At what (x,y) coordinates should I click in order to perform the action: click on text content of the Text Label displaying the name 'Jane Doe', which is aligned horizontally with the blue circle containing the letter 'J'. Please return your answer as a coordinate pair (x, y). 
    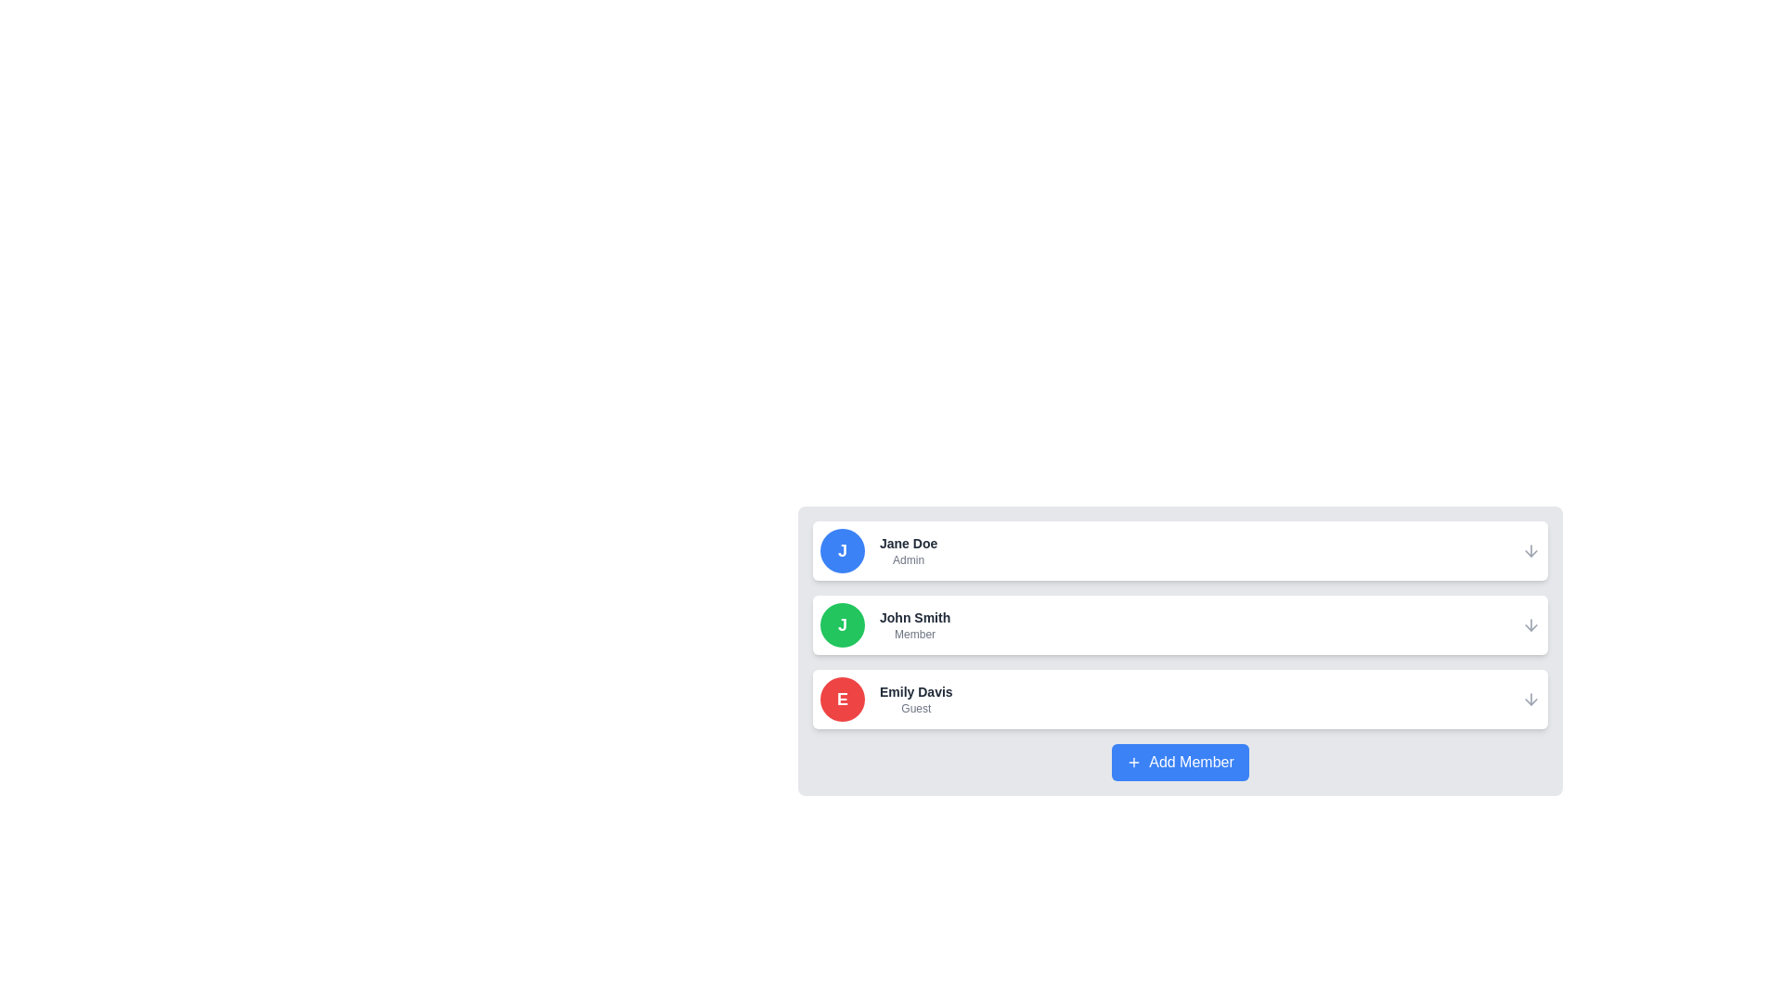
    Looking at the image, I should click on (909, 543).